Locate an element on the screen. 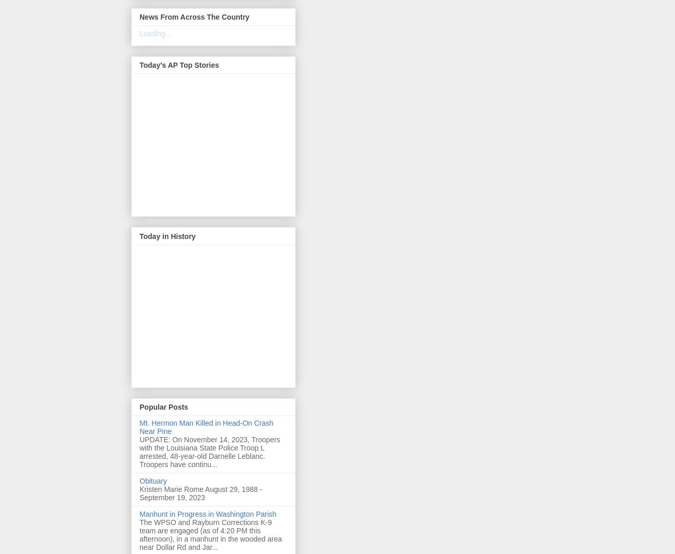  'Loading...' is located at coordinates (155, 33).